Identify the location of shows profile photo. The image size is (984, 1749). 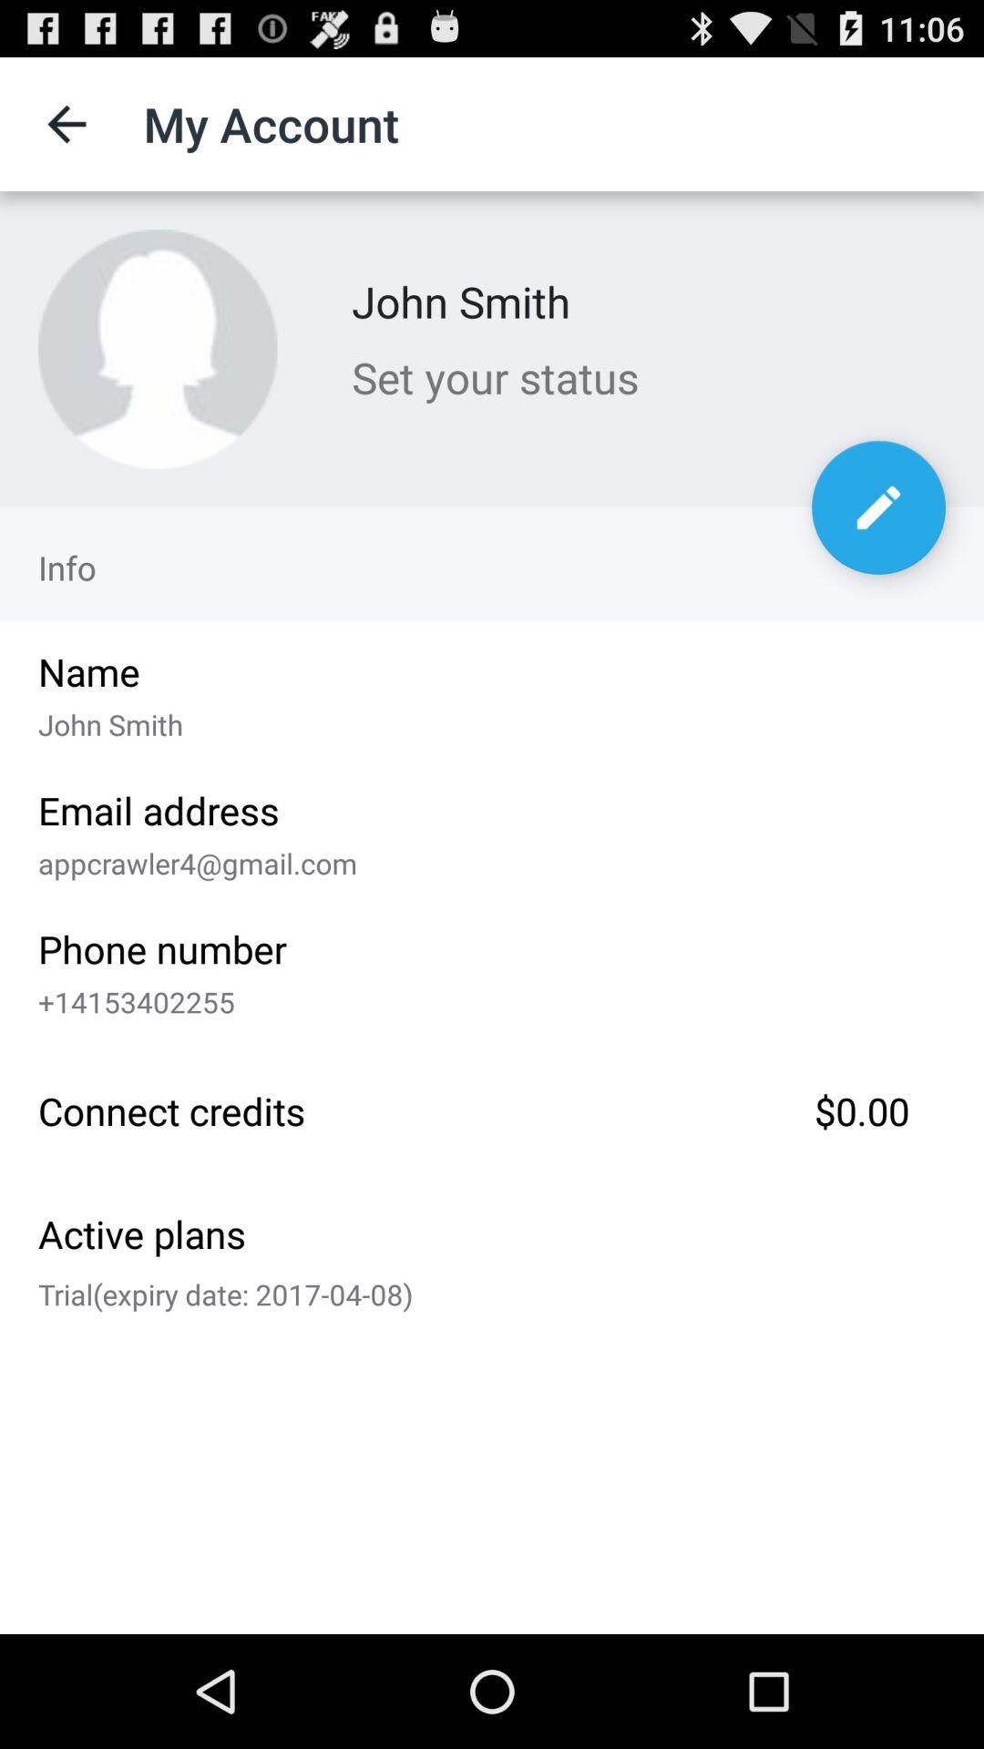
(157, 349).